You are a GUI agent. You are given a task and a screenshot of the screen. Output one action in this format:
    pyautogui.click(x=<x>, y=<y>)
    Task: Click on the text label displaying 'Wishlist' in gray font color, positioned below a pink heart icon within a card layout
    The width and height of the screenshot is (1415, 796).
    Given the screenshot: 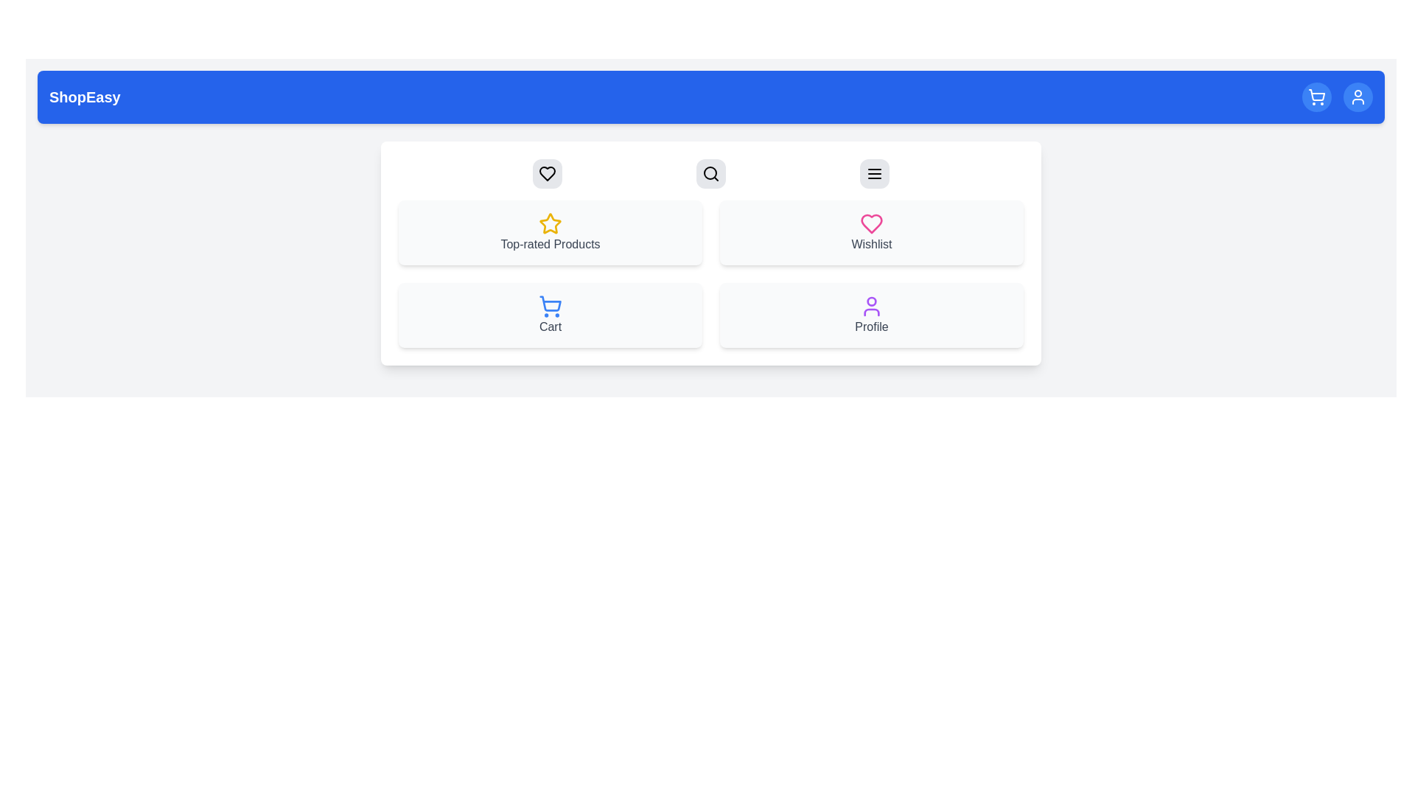 What is the action you would take?
    pyautogui.click(x=871, y=243)
    